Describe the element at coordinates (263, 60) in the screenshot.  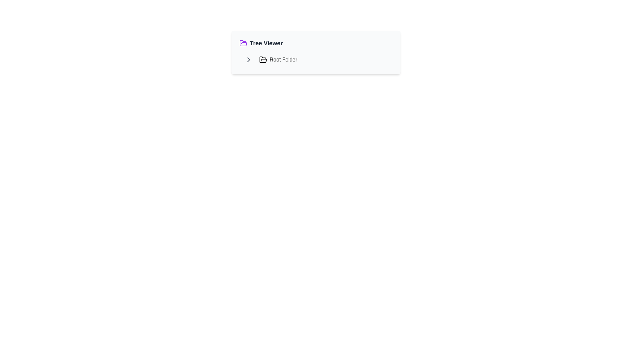
I see `the open folder icon that is positioned to the left of the 'Root Folder' text in the 'Tree Viewer' interface` at that location.